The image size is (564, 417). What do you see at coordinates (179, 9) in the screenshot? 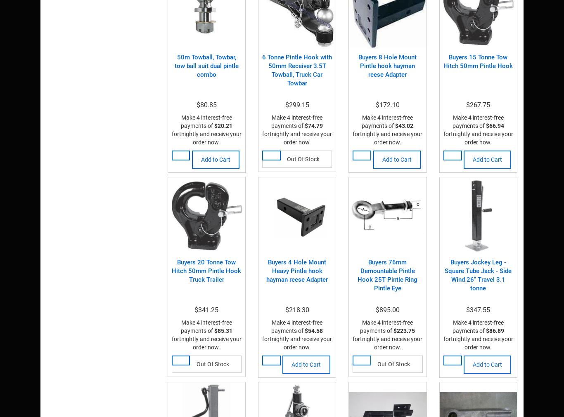
I see `'Turntable USED'` at bounding box center [179, 9].